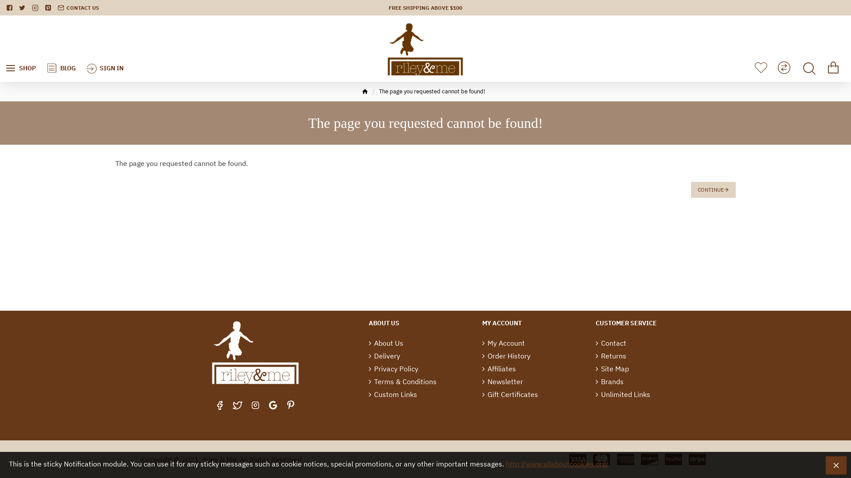  What do you see at coordinates (713, 189) in the screenshot?
I see `'CONTINUE'` at bounding box center [713, 189].